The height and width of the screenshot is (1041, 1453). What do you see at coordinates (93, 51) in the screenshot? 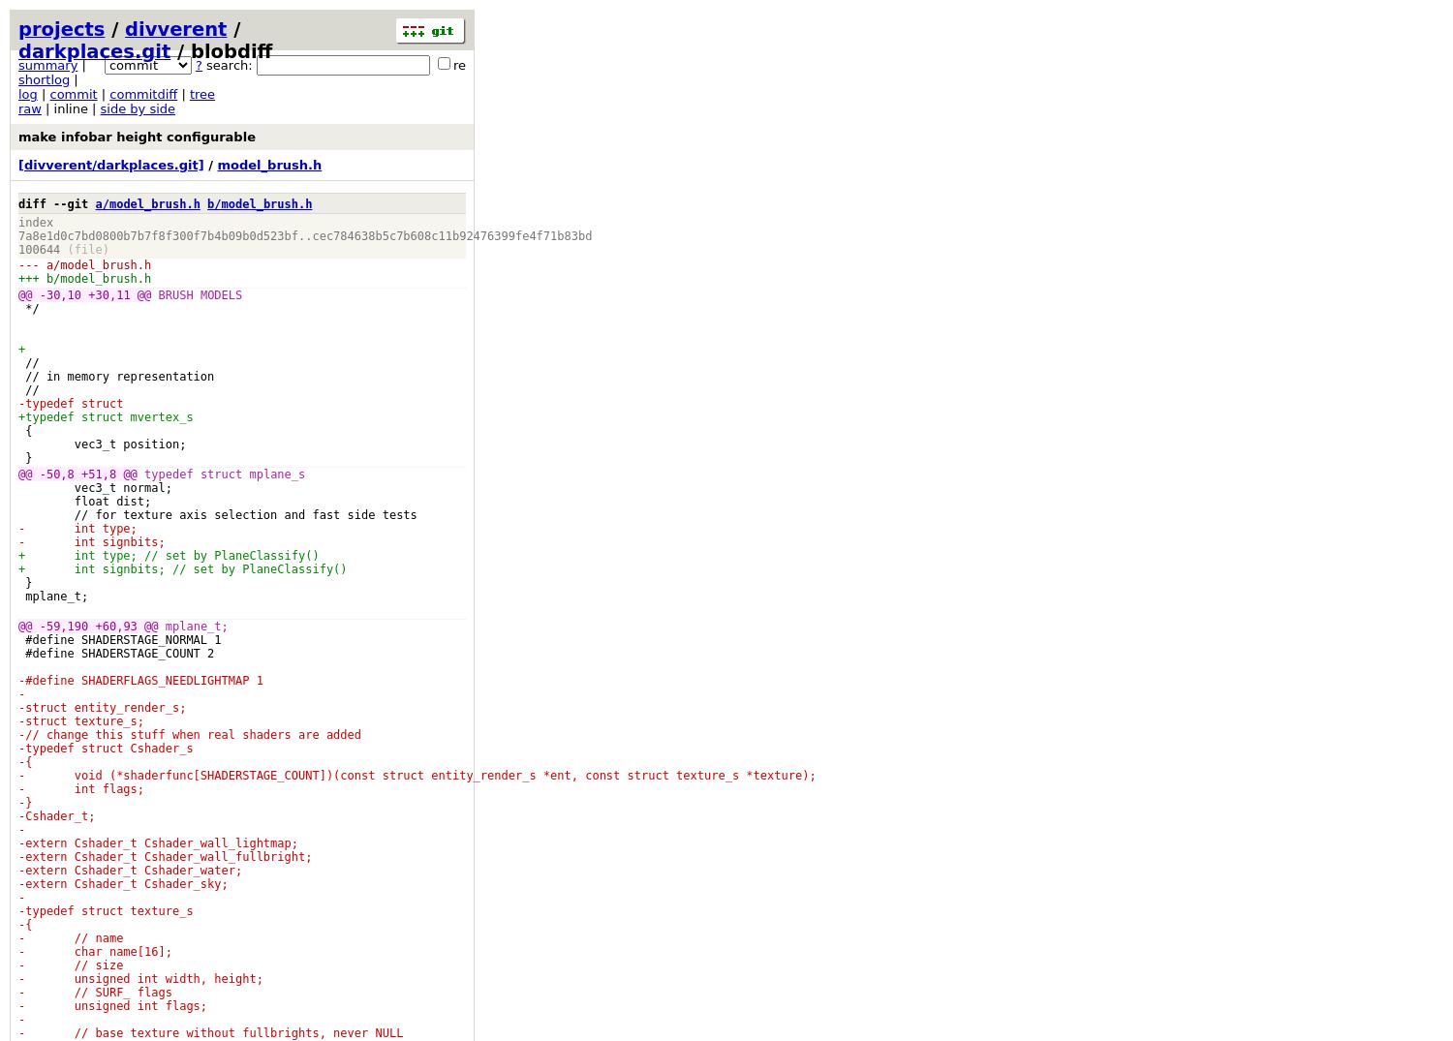
I see `'darkplaces.git'` at bounding box center [93, 51].